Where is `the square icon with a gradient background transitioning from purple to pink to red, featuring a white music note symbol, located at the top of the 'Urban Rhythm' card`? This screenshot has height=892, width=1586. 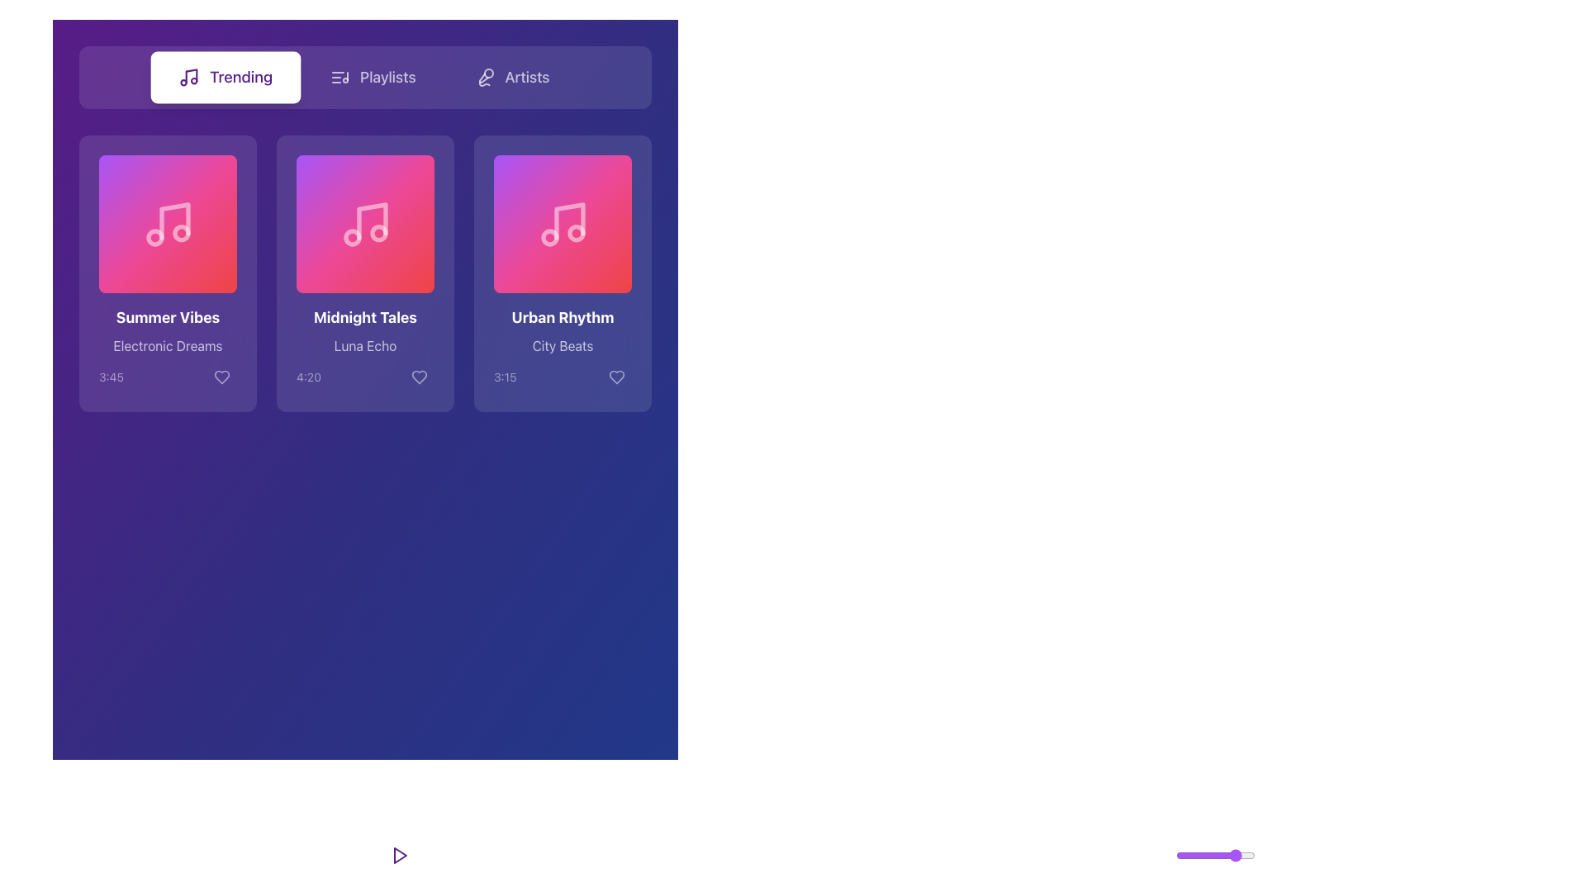 the square icon with a gradient background transitioning from purple to pink to red, featuring a white music note symbol, located at the top of the 'Urban Rhythm' card is located at coordinates (563, 224).